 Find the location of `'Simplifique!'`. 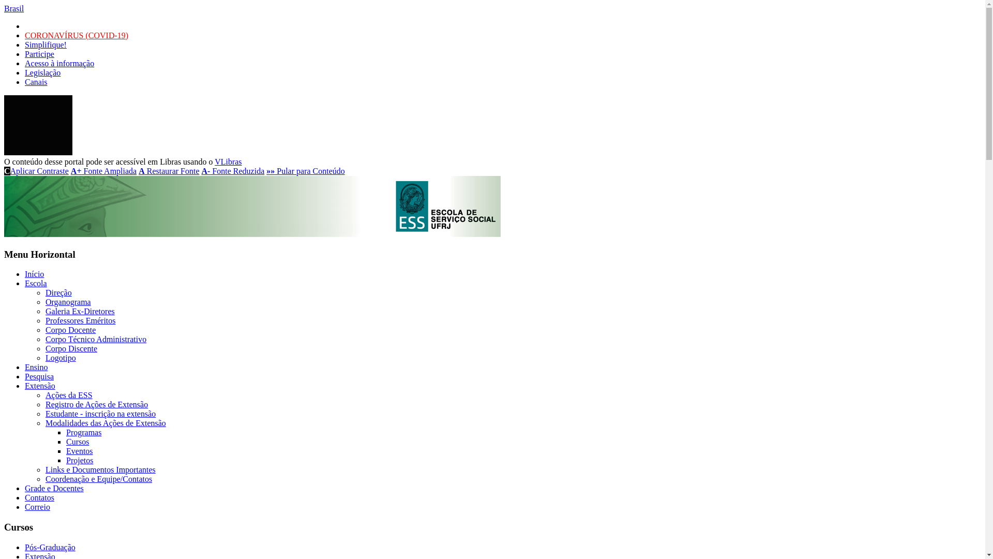

'Simplifique!' is located at coordinates (45, 44).